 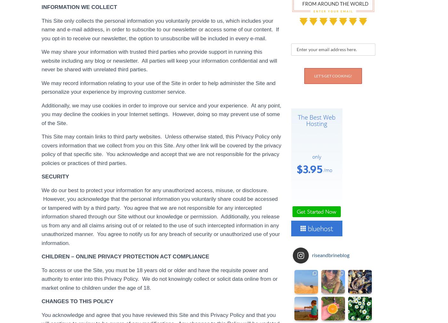 I want to click on 'We do our best to protect your information for any unauthorized access, misuse, or disclosure.  However, you acknowledge that the personal information you voluntarily share could be accessed or tampered with by a third party.  You agree that we are not responsible for any intercepted information shared through our Site without our knowledge or permission.  Additionally, you release us from any and all claims arising out of or related to the use of such intercepted information in any unauthorized manner.  You agree to notify us for any breach of security or unauthorized use of your information.', so click(x=161, y=216).